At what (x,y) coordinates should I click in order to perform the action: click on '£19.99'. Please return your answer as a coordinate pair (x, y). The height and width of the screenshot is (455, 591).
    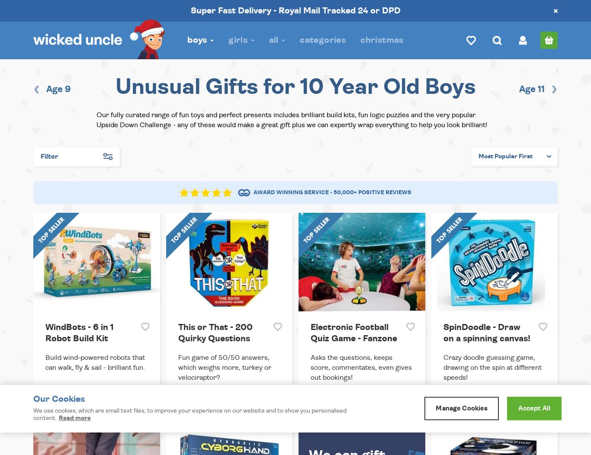
    Looking at the image, I should click on (453, 404).